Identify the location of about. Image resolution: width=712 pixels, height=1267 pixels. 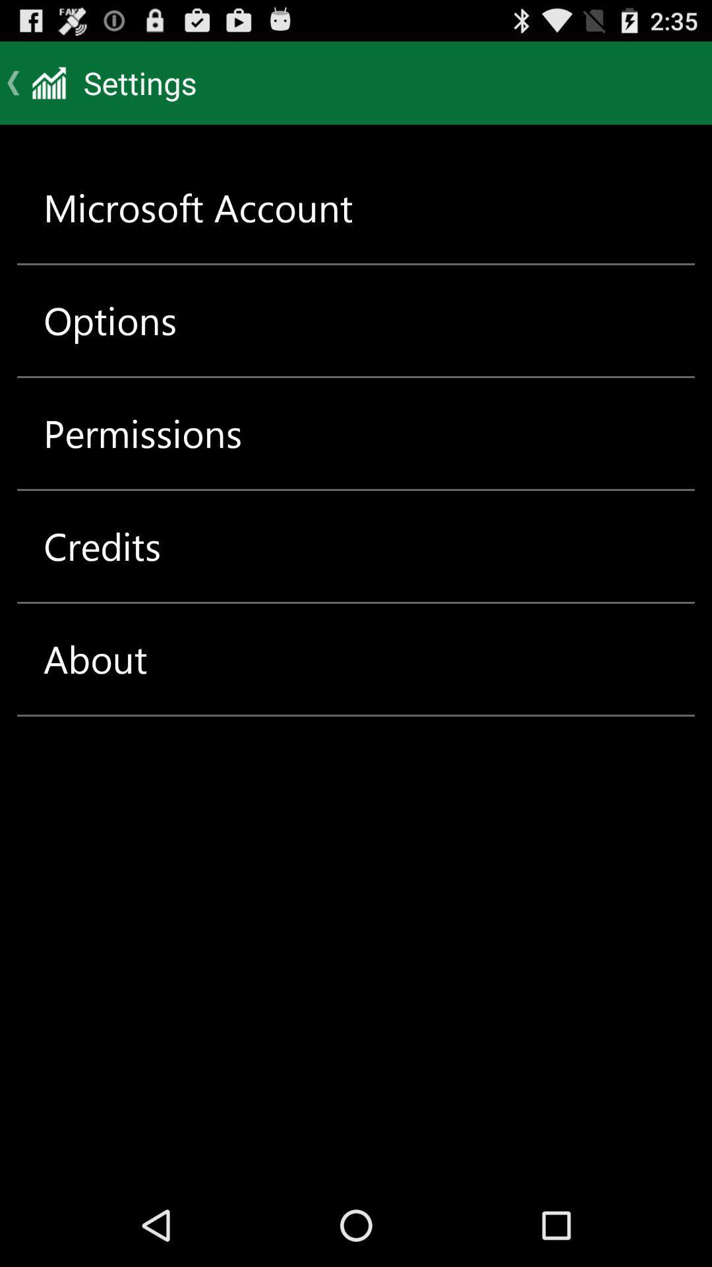
(94, 659).